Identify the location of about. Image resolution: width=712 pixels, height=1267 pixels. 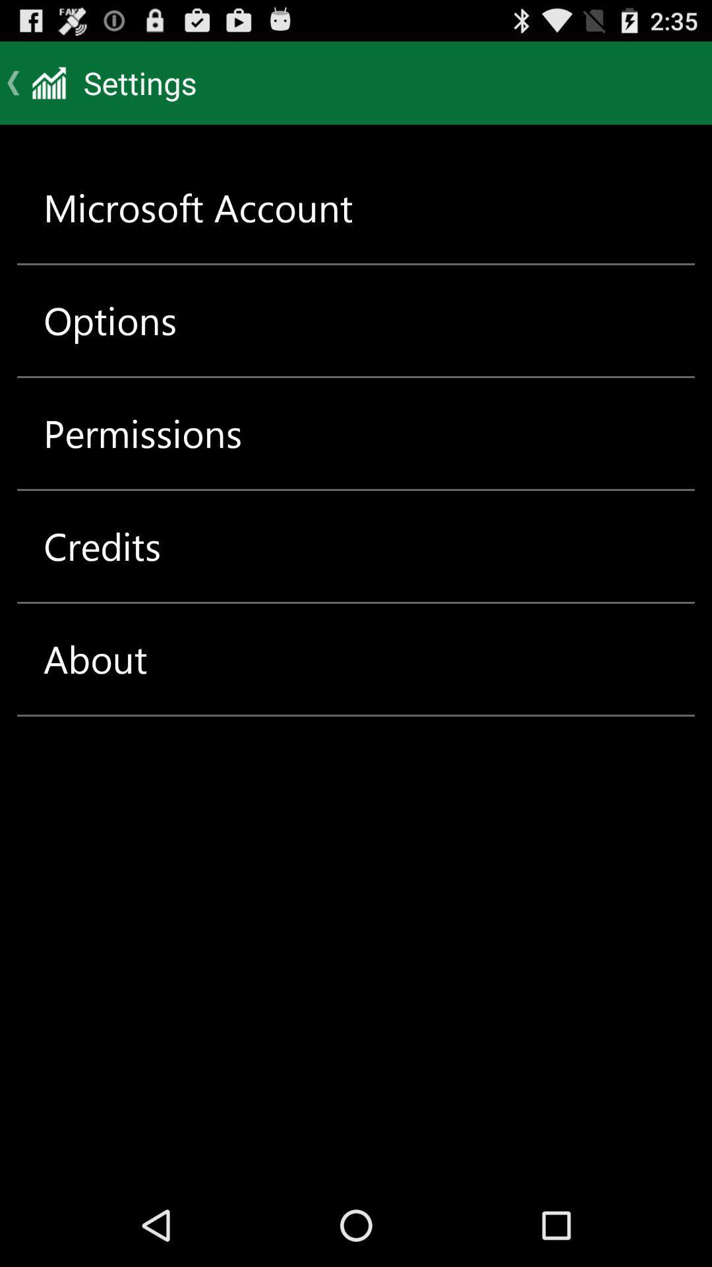
(94, 659).